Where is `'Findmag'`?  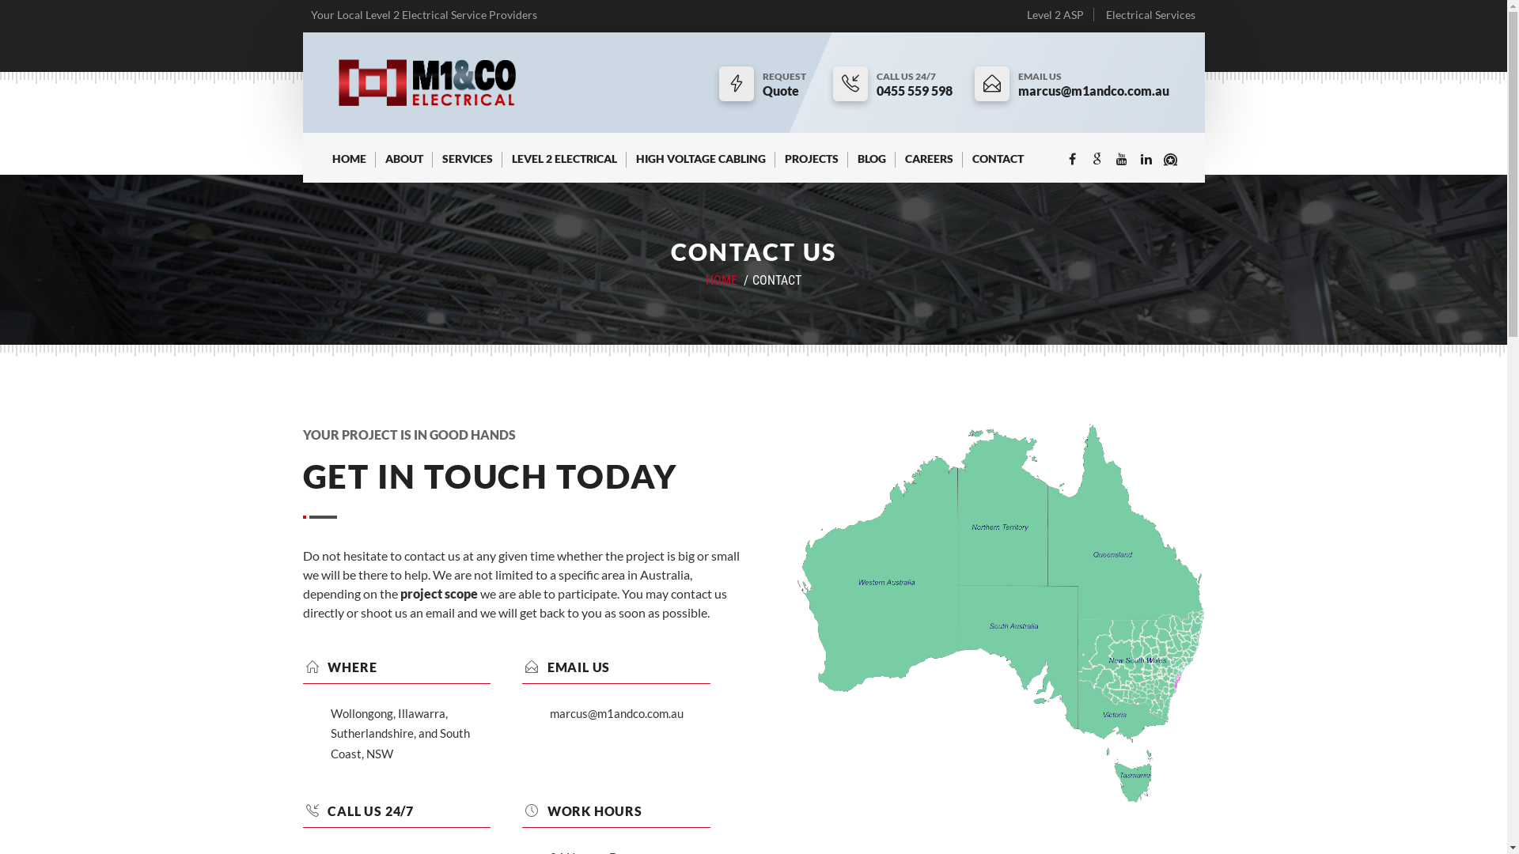
'Findmag' is located at coordinates (1170, 160).